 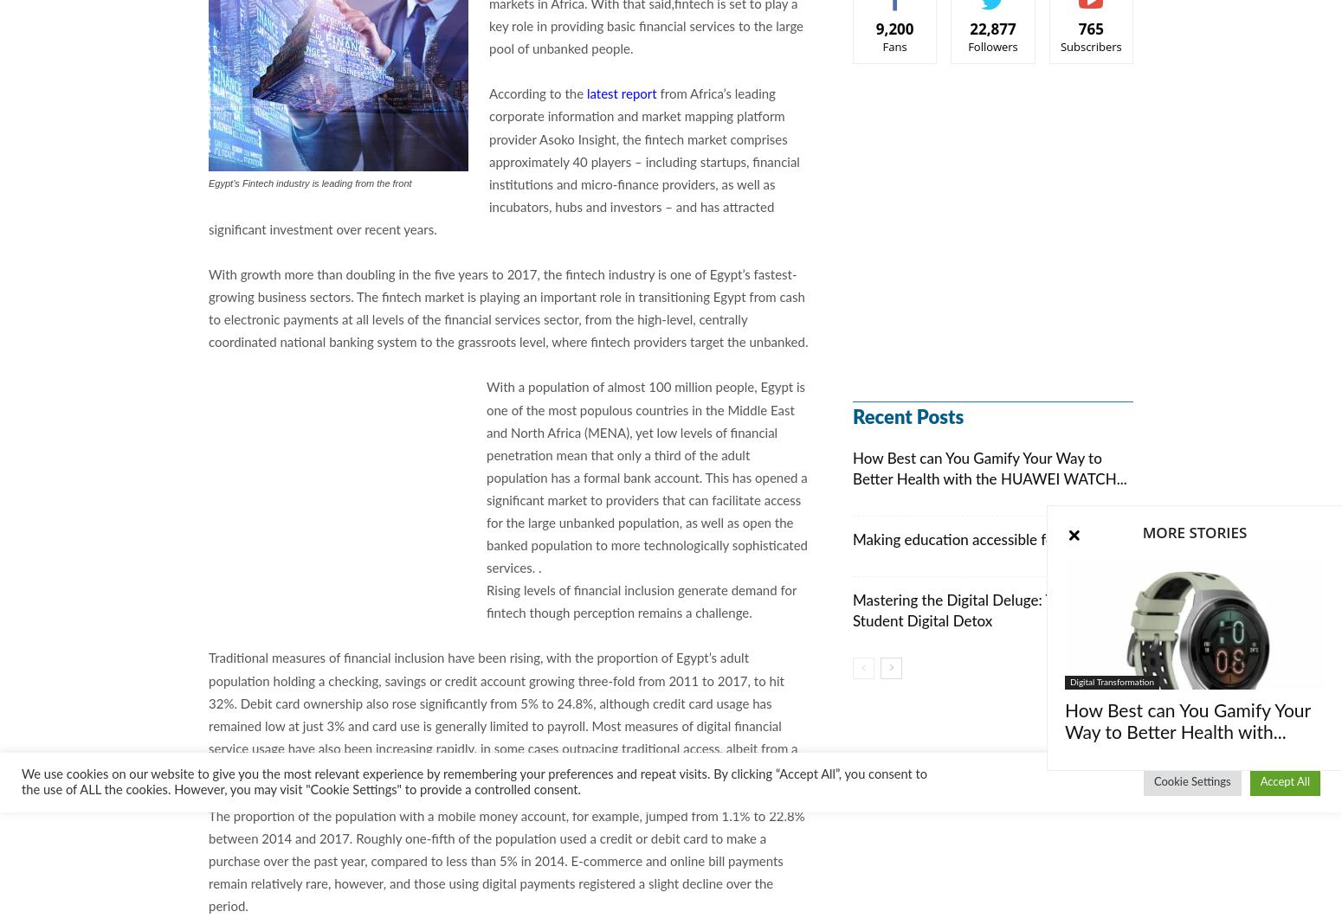 I want to click on '765', so click(x=1089, y=29).